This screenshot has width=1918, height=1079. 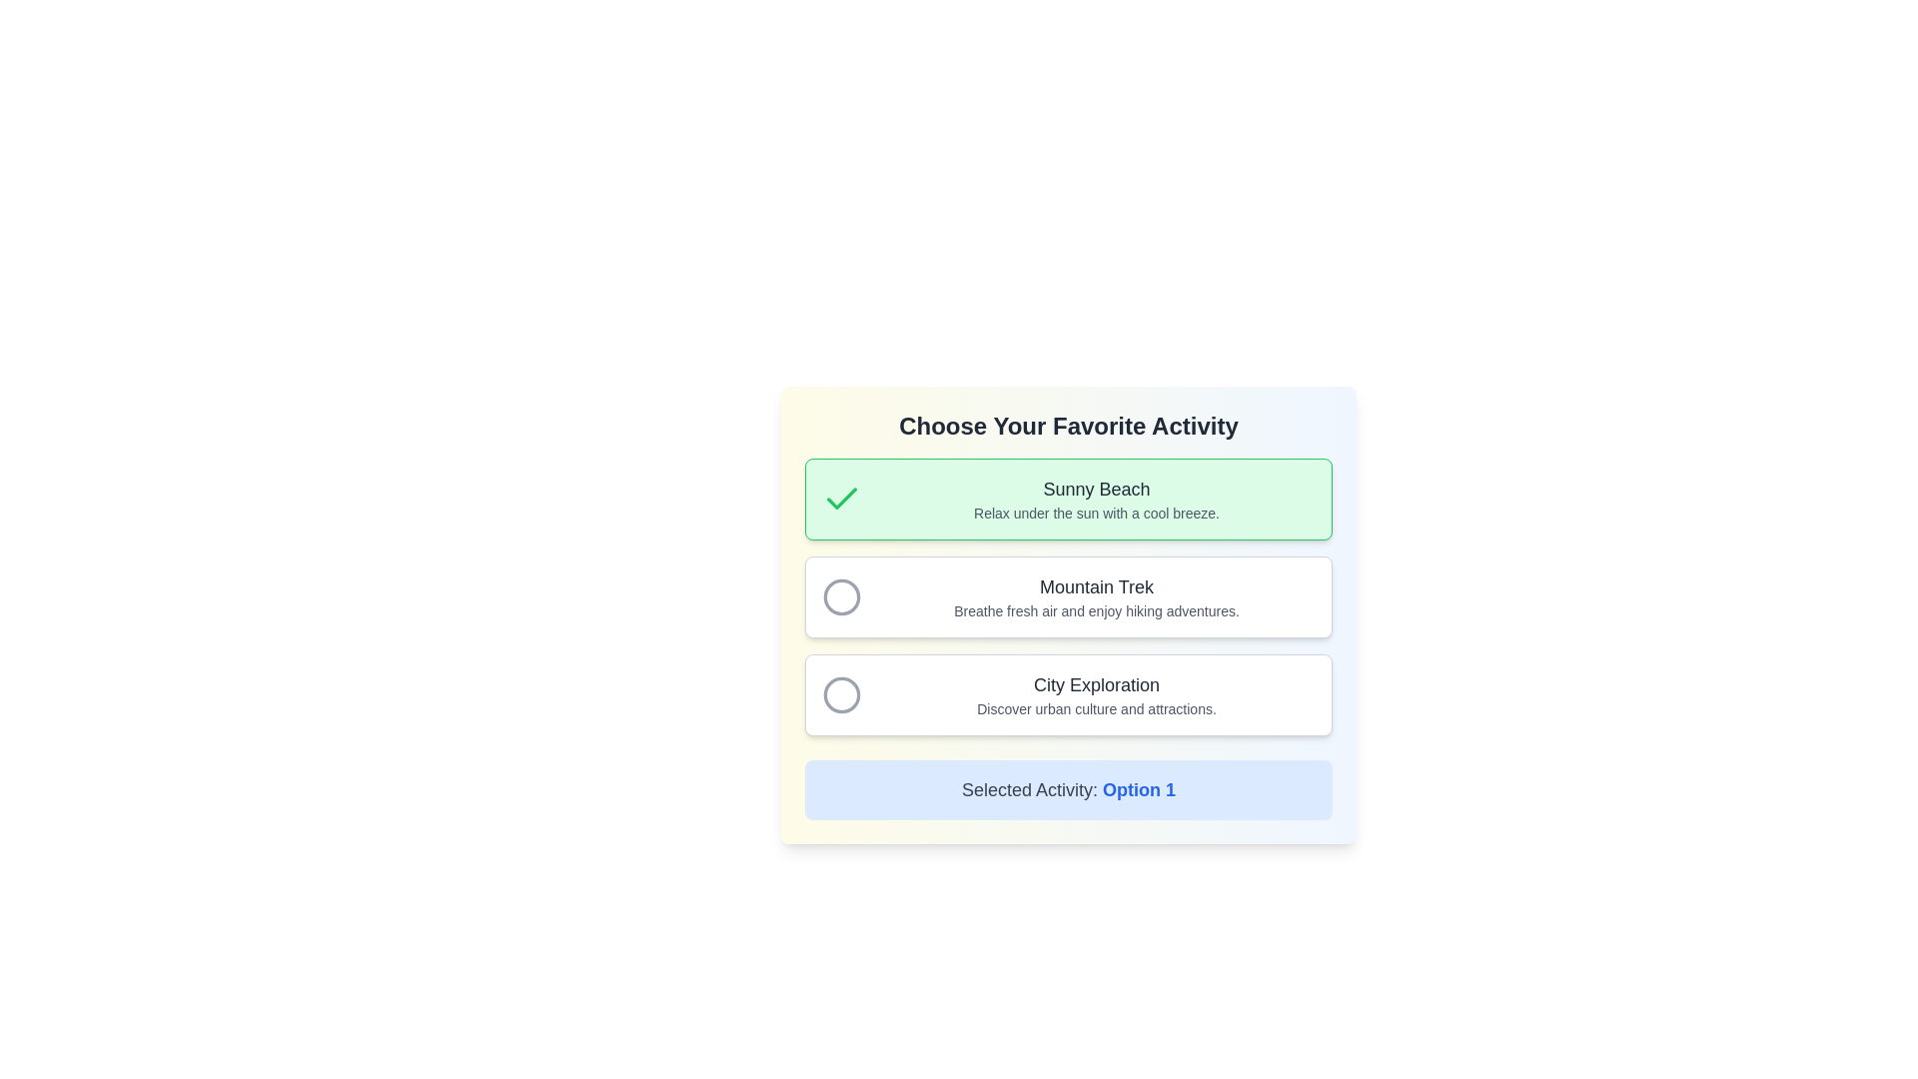 I want to click on text element displaying 'Sunny Beach' which is the primary title of the first option under 'Choose Your Favorite Activity', so click(x=1096, y=489).